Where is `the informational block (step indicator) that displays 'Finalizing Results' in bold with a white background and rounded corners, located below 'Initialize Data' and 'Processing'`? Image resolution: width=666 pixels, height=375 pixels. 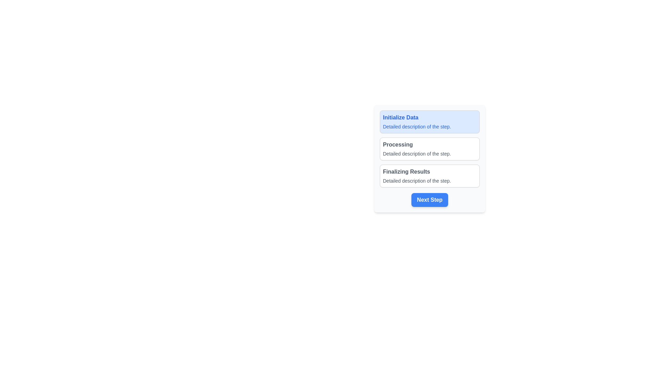
the informational block (step indicator) that displays 'Finalizing Results' in bold with a white background and rounded corners, located below 'Initialize Data' and 'Processing' is located at coordinates (429, 175).